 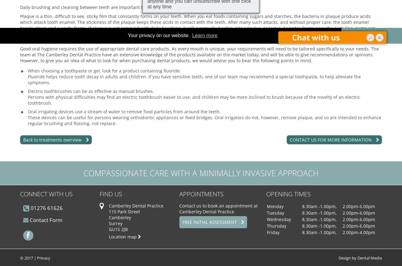 I want to click on 'Your privacy on our website.', so click(x=159, y=35).